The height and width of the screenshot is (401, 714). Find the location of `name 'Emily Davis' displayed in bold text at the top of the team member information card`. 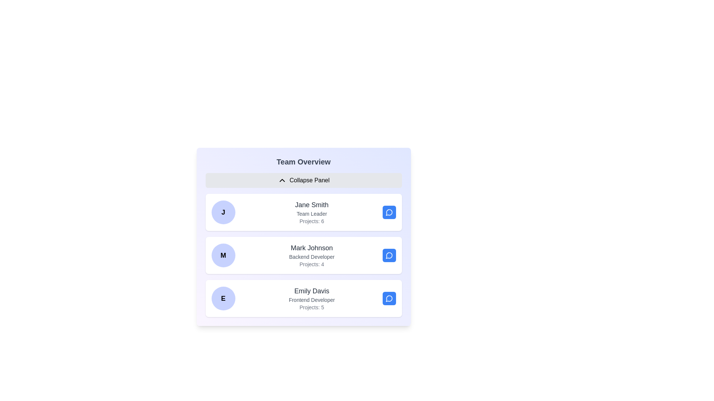

name 'Emily Davis' displayed in bold text at the top of the team member information card is located at coordinates (312, 290).